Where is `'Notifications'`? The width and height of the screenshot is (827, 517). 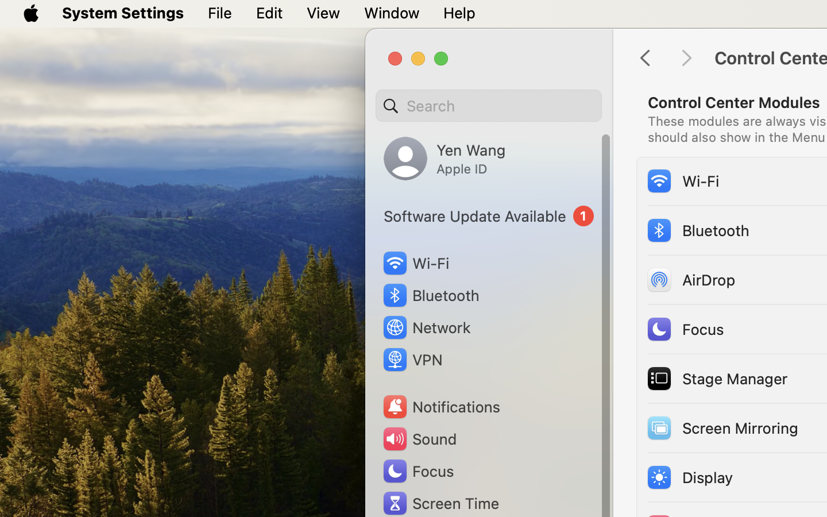 'Notifications' is located at coordinates (440, 406).